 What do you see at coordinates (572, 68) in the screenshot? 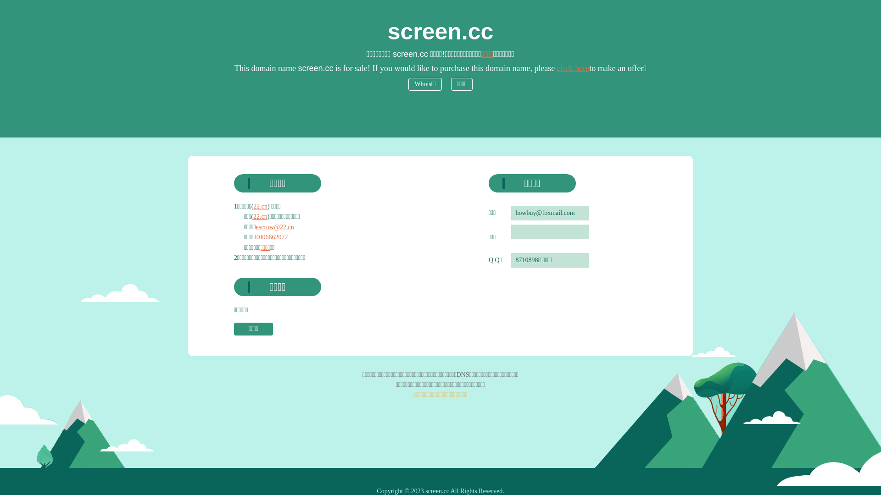
I see `'click here'` at bounding box center [572, 68].